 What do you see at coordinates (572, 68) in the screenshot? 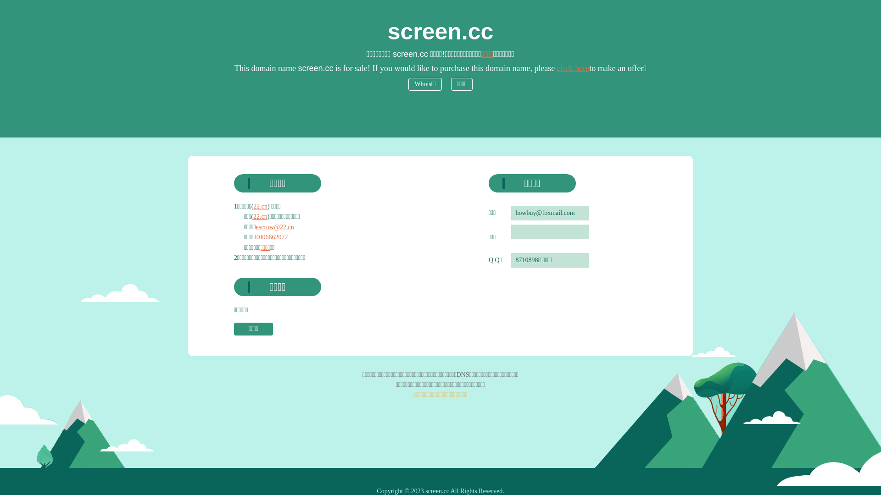
I see `'click here'` at bounding box center [572, 68].